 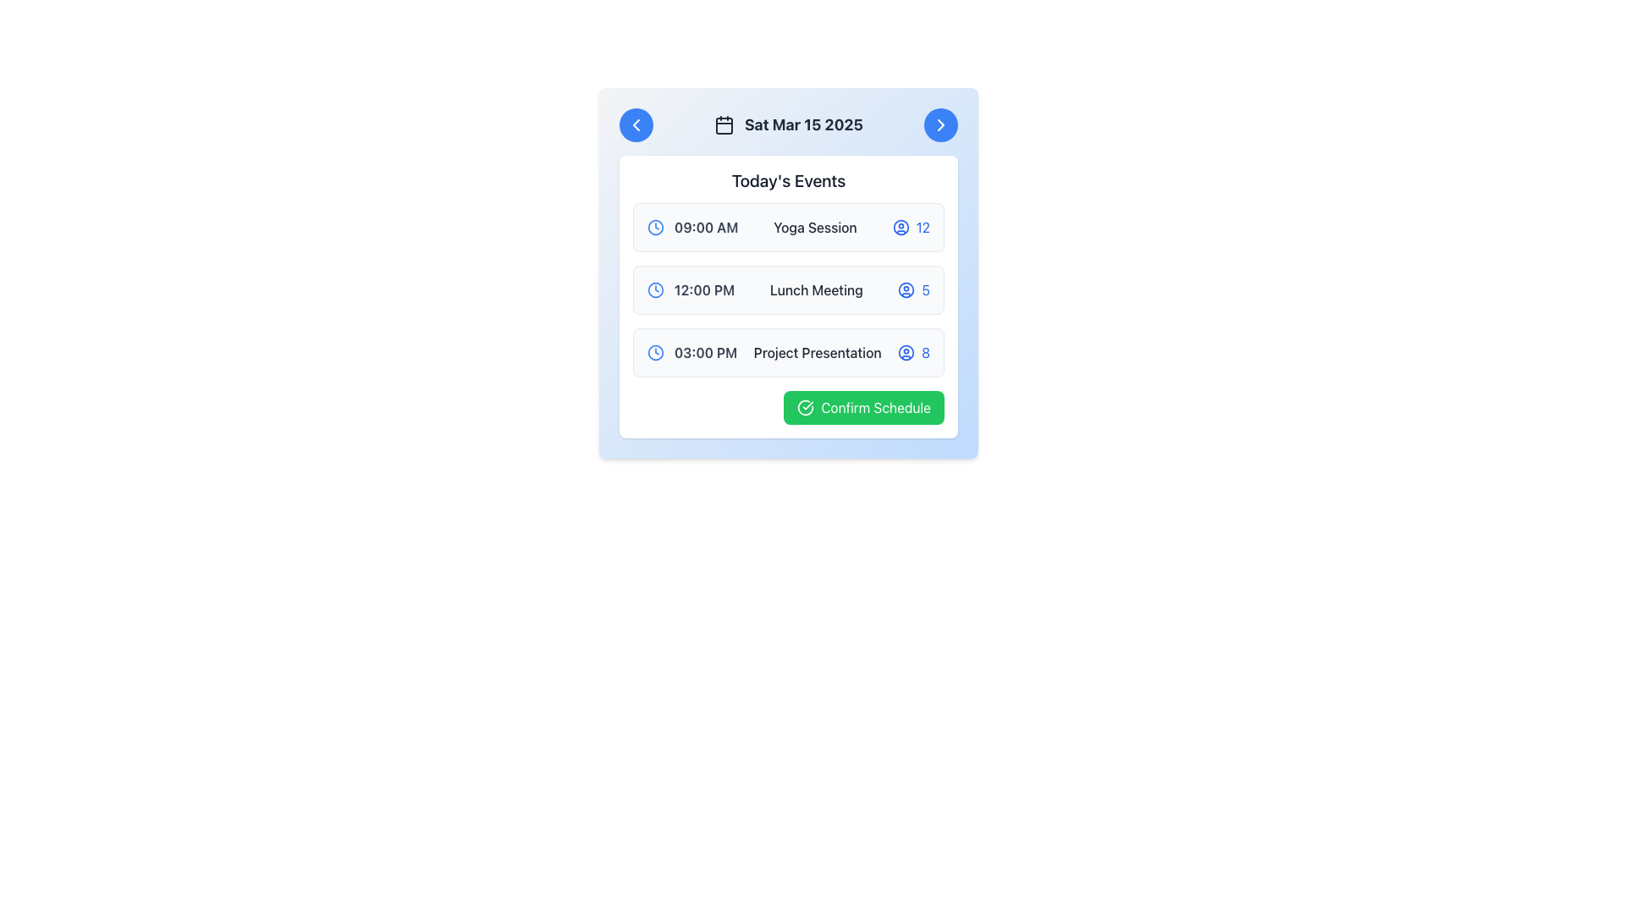 What do you see at coordinates (906, 351) in the screenshot?
I see `the user avatar icon with a thin blue stroke next to the number 8 in the '03:00 PM Project Presentation' event` at bounding box center [906, 351].